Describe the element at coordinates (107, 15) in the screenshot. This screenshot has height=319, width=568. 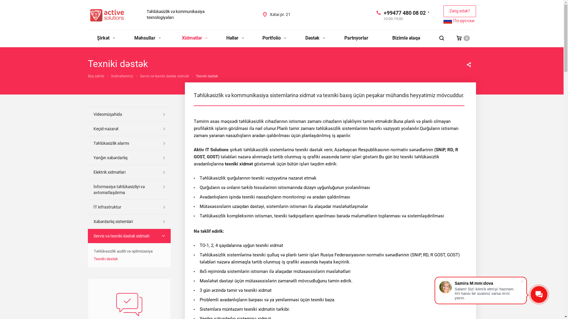
I see `'Active solutions'` at that location.